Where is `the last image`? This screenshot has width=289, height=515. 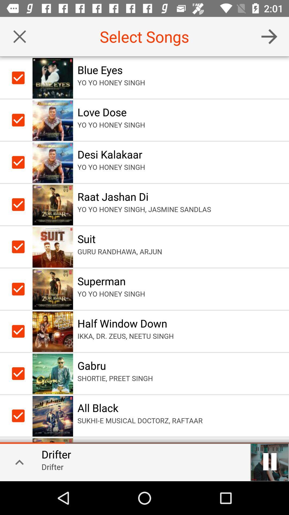 the last image is located at coordinates (53, 415).